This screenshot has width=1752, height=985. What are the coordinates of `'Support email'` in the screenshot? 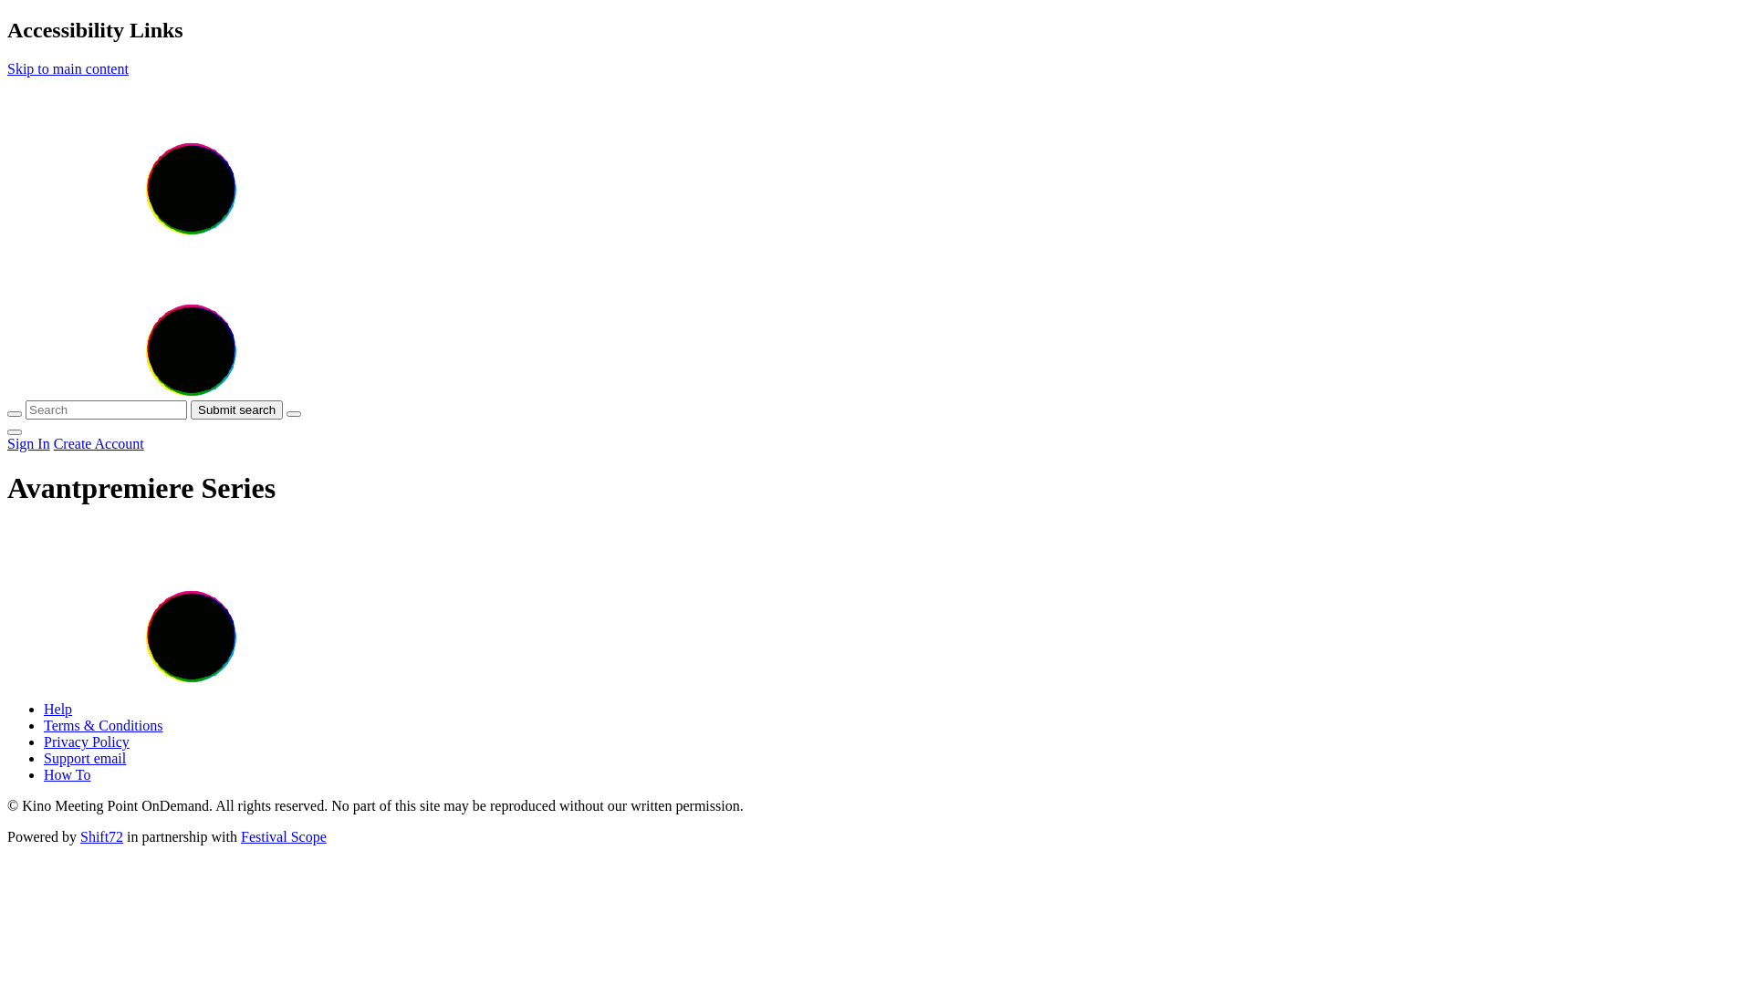 It's located at (83, 758).